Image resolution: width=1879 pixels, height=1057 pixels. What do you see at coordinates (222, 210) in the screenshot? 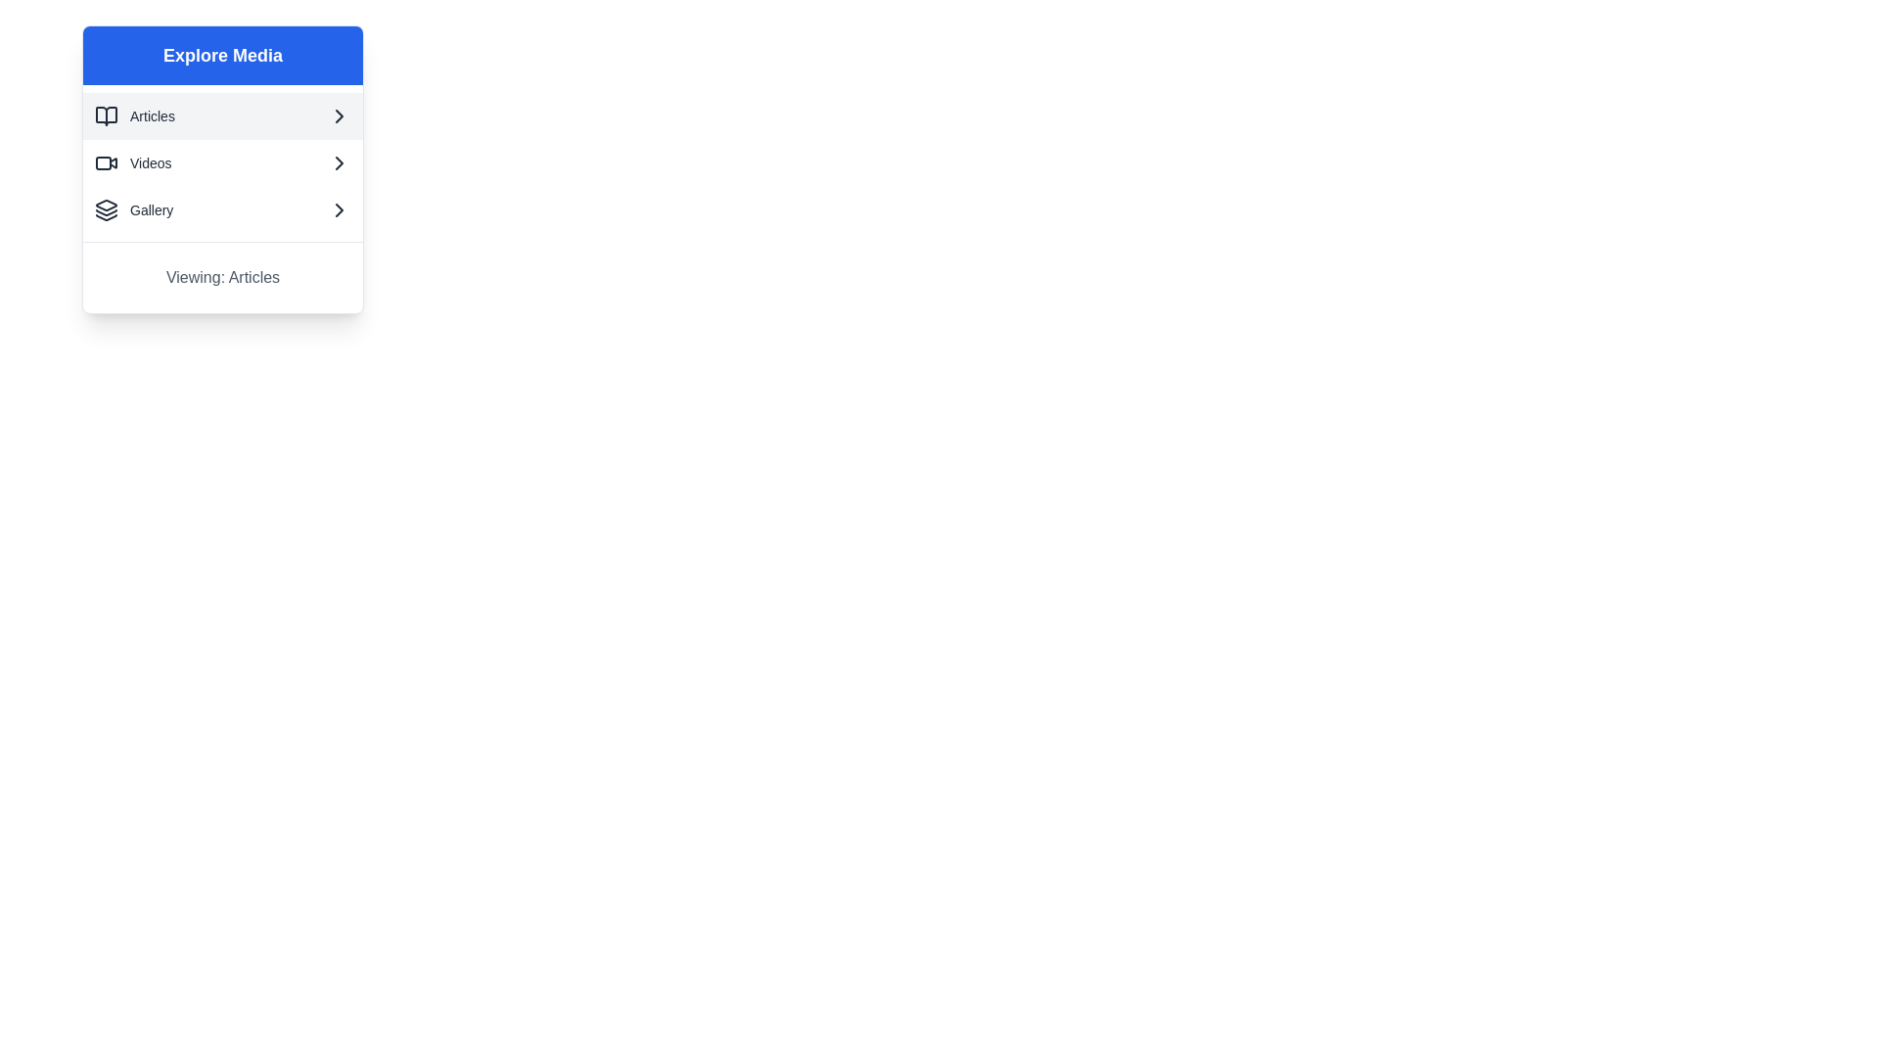
I see `the 'Gallery' menu option, which is the last item in a vertical list of options styled in a small gray font with a hover effect` at bounding box center [222, 210].